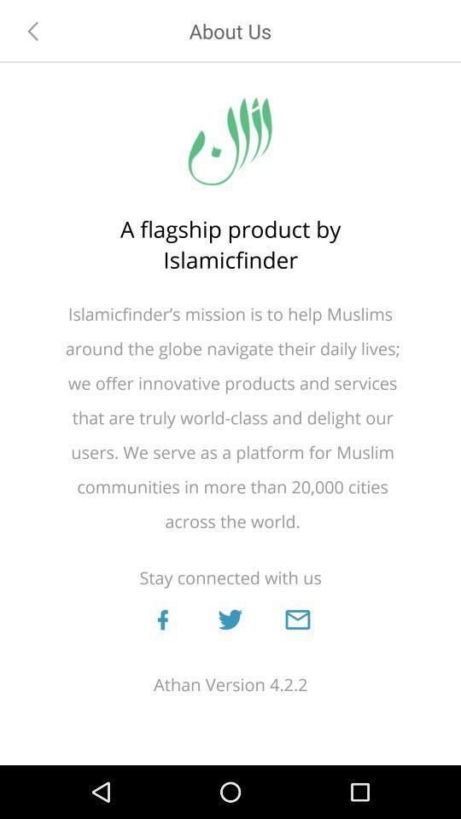 The image size is (461, 819). What do you see at coordinates (162, 619) in the screenshot?
I see `click for facebook` at bounding box center [162, 619].